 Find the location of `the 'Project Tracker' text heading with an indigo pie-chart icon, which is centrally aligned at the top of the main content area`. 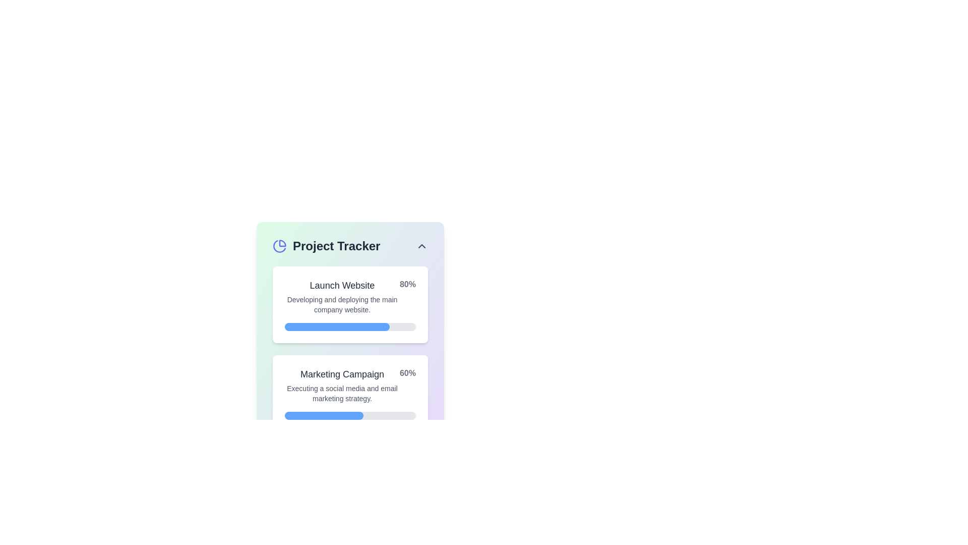

the 'Project Tracker' text heading with an indigo pie-chart icon, which is centrally aligned at the top of the main content area is located at coordinates (326, 246).